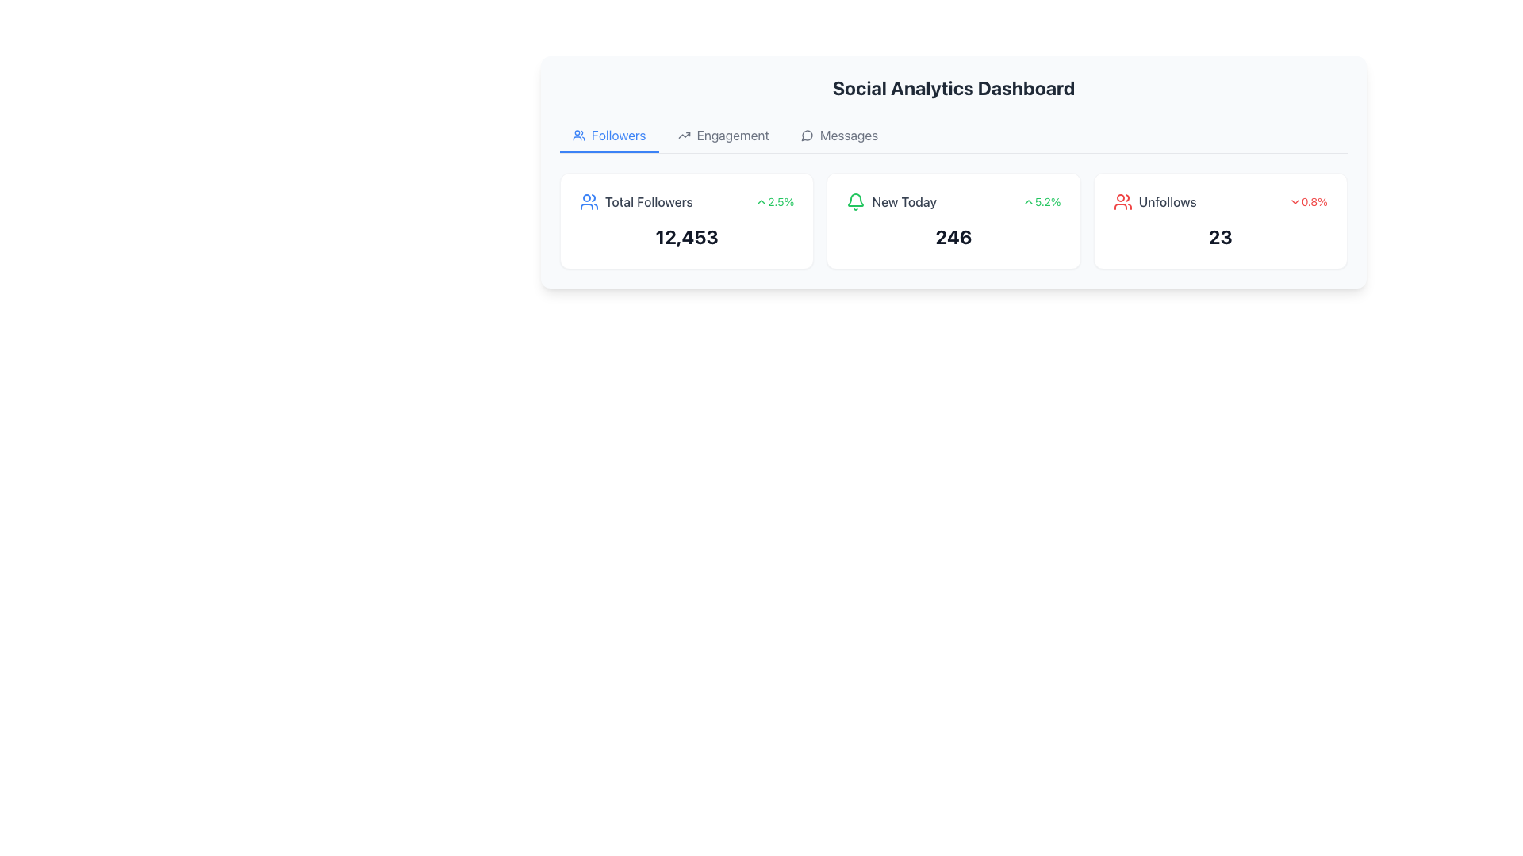  Describe the element at coordinates (781, 201) in the screenshot. I see `the text content indicating percentage change in followers, located in the top panel area to the right of the 'Total Followers' title` at that location.